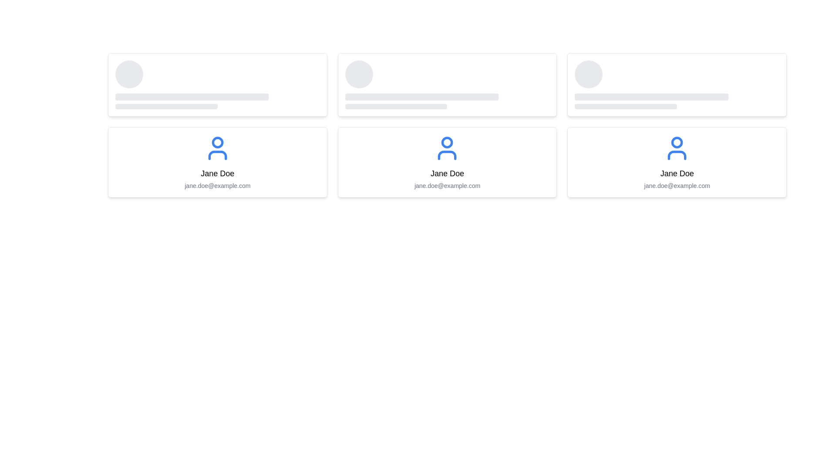  I want to click on the text element displaying 'Jane Doe', which is centrally aligned within its card and located below the user icon, so click(447, 173).